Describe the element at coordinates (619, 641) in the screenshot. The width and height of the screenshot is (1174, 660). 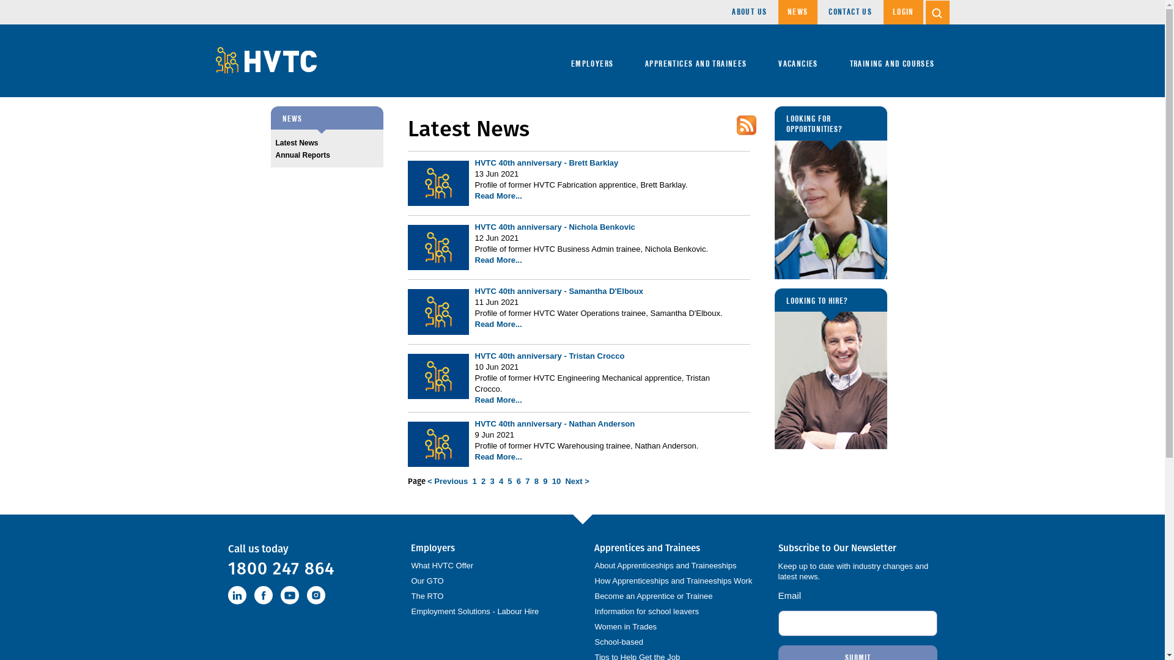
I see `'School-based'` at that location.